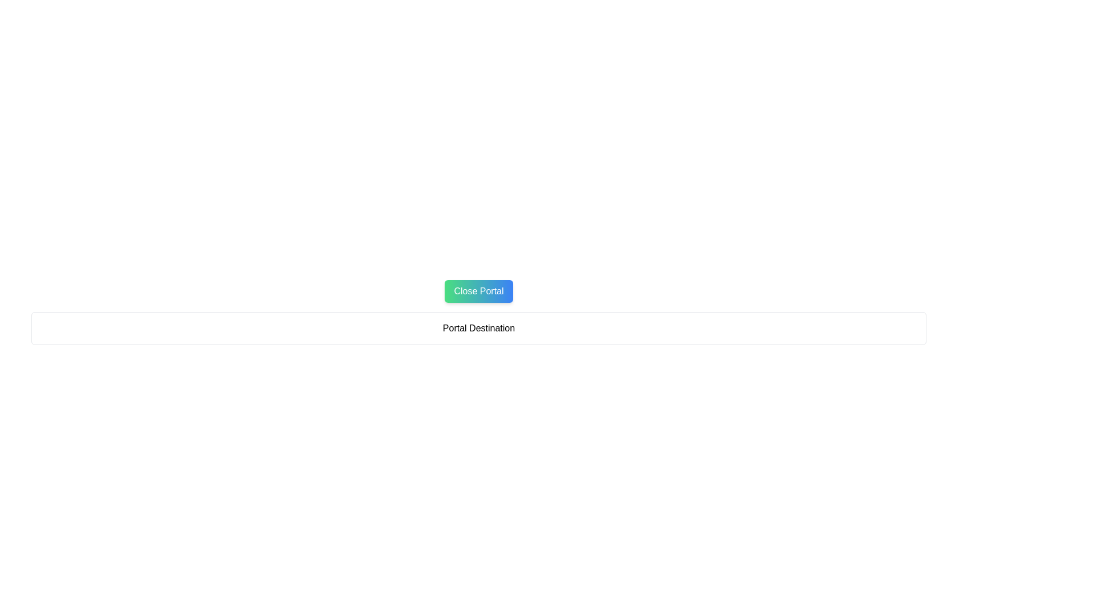 This screenshot has height=616, width=1096. Describe the element at coordinates (479, 290) in the screenshot. I see `the 'Close Portal' button, which is a rectangular button with a gradient color from green to blue, located above the text 'Portal Destination.'` at that location.